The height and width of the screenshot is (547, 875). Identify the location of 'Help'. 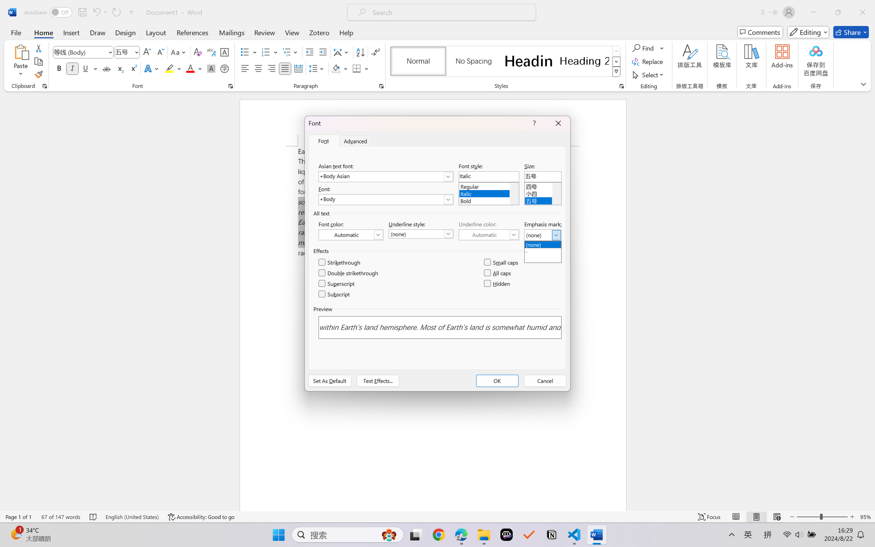
(346, 32).